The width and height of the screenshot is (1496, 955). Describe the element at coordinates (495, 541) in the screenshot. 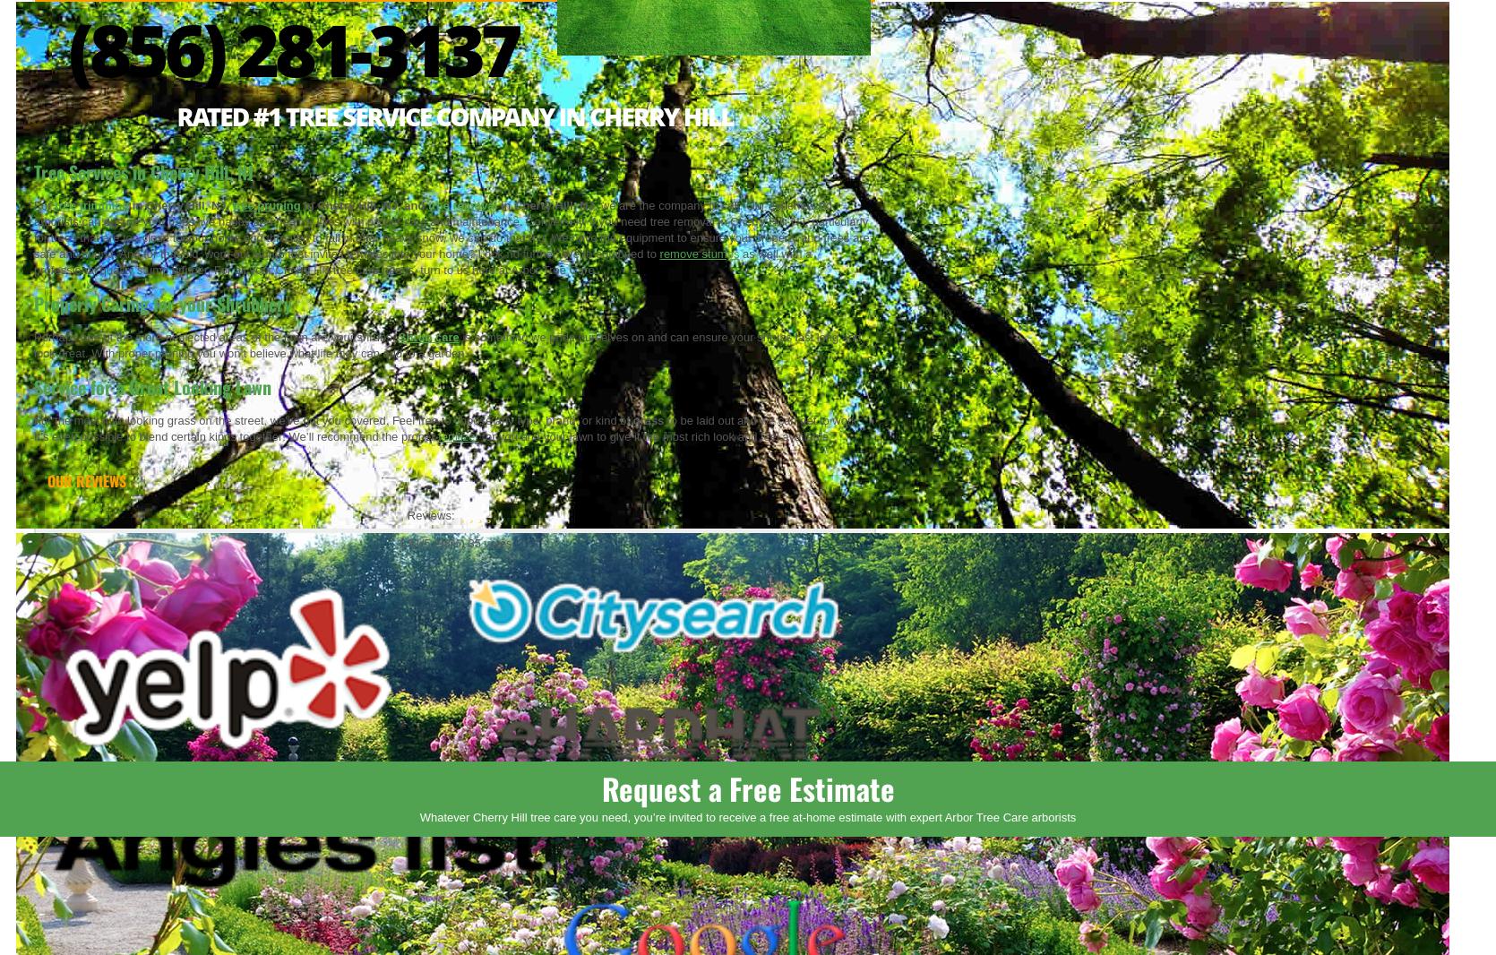

I see `'votes'` at that location.